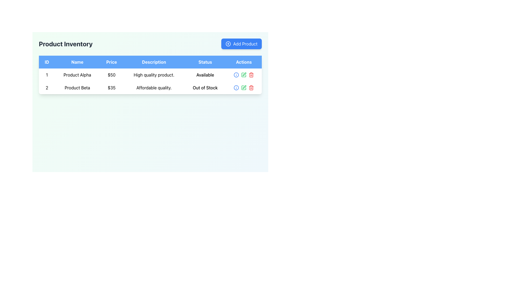  I want to click on the price text displaying '$50' in black within the first row of the product table under the 'Price' column, aligned with 'Product Alpha', so click(111, 75).